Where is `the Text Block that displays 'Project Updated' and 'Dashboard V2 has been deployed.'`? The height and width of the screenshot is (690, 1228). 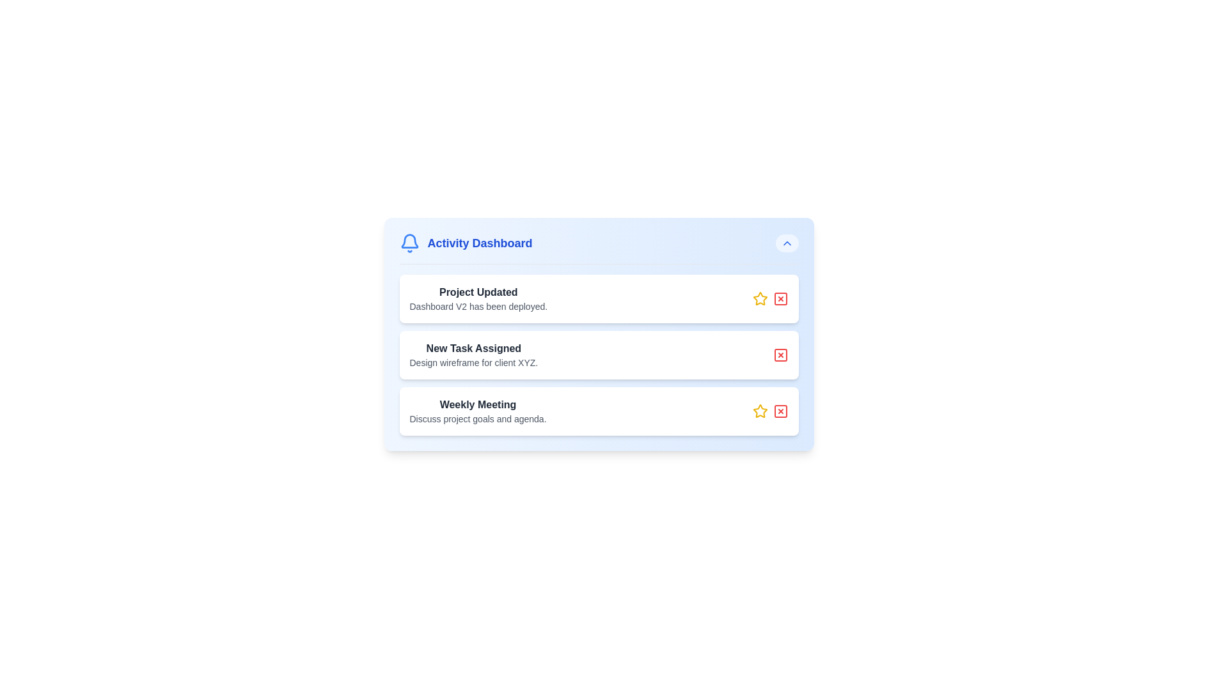 the Text Block that displays 'Project Updated' and 'Dashboard V2 has been deployed.' is located at coordinates (478, 298).